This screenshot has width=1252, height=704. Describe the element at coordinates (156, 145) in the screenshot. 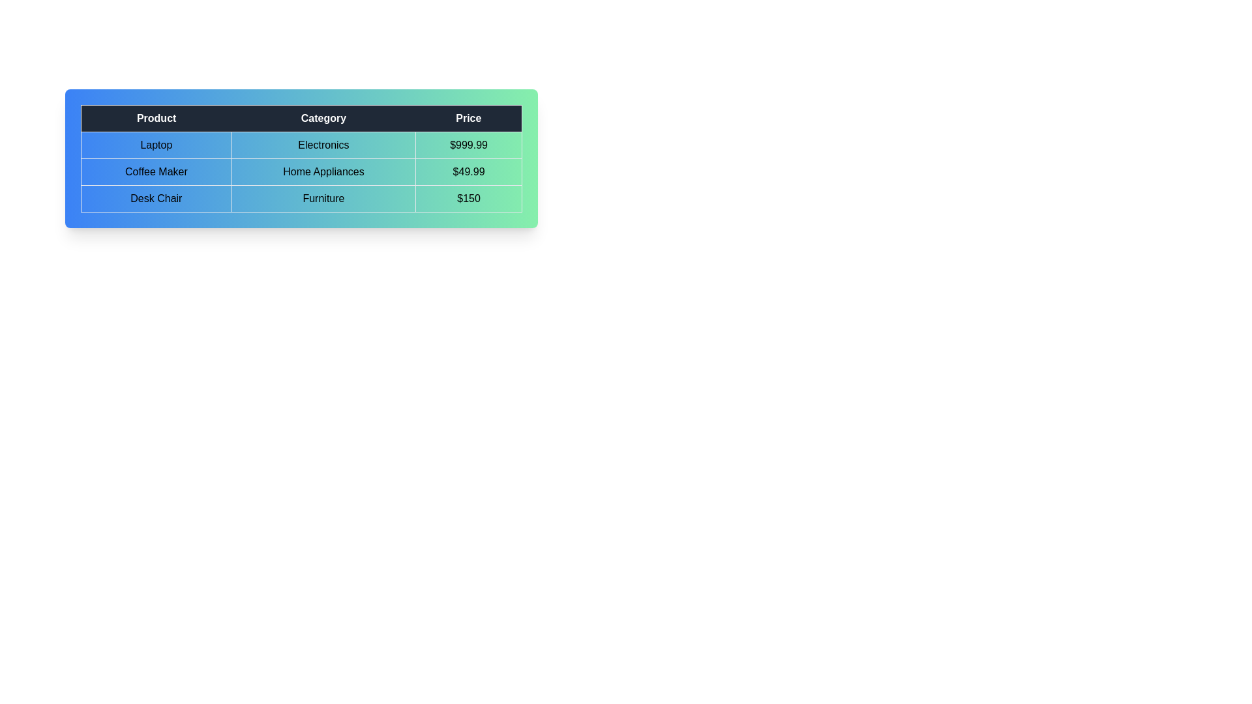

I see `the label representing the product name located in the first row under the 'Product' column of the table layout` at that location.